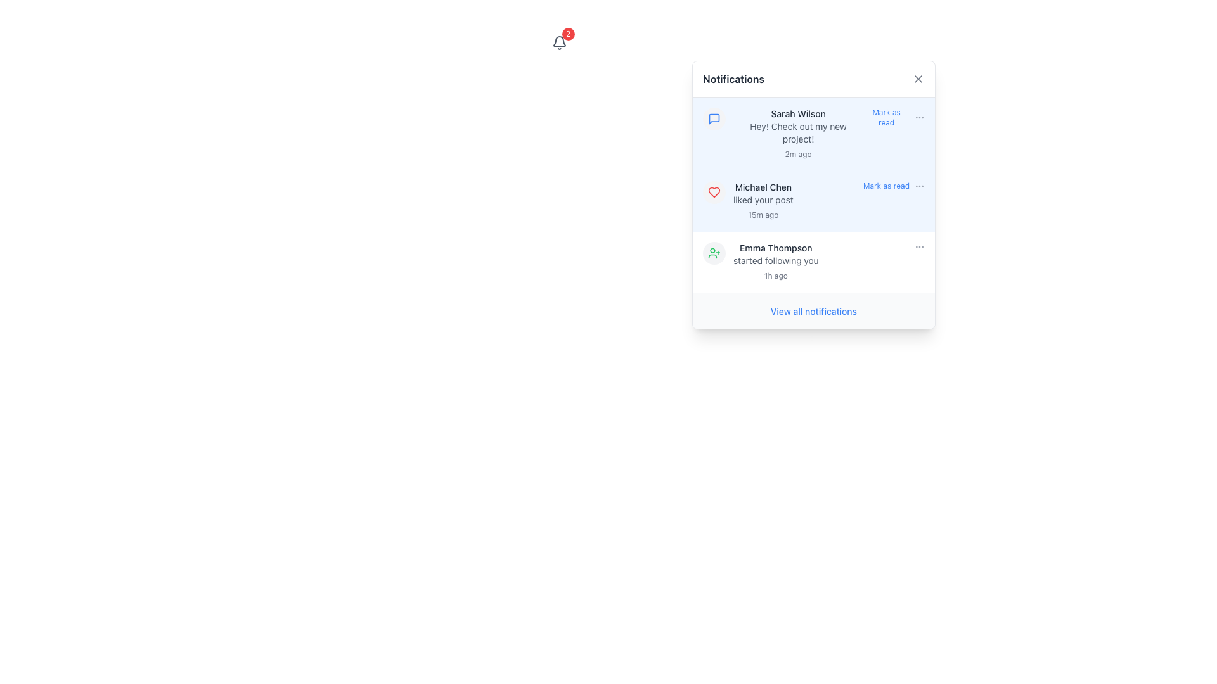 This screenshot has height=684, width=1217. Describe the element at coordinates (558, 42) in the screenshot. I see `the notification icon represented by a bell symbol with a red badge showing '2'` at that location.